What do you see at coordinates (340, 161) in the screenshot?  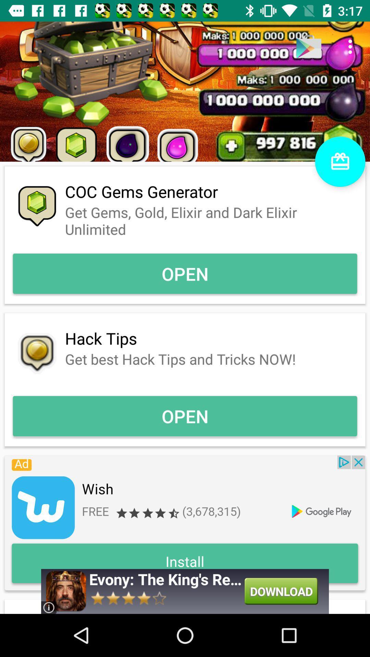 I see `the gift icon` at bounding box center [340, 161].